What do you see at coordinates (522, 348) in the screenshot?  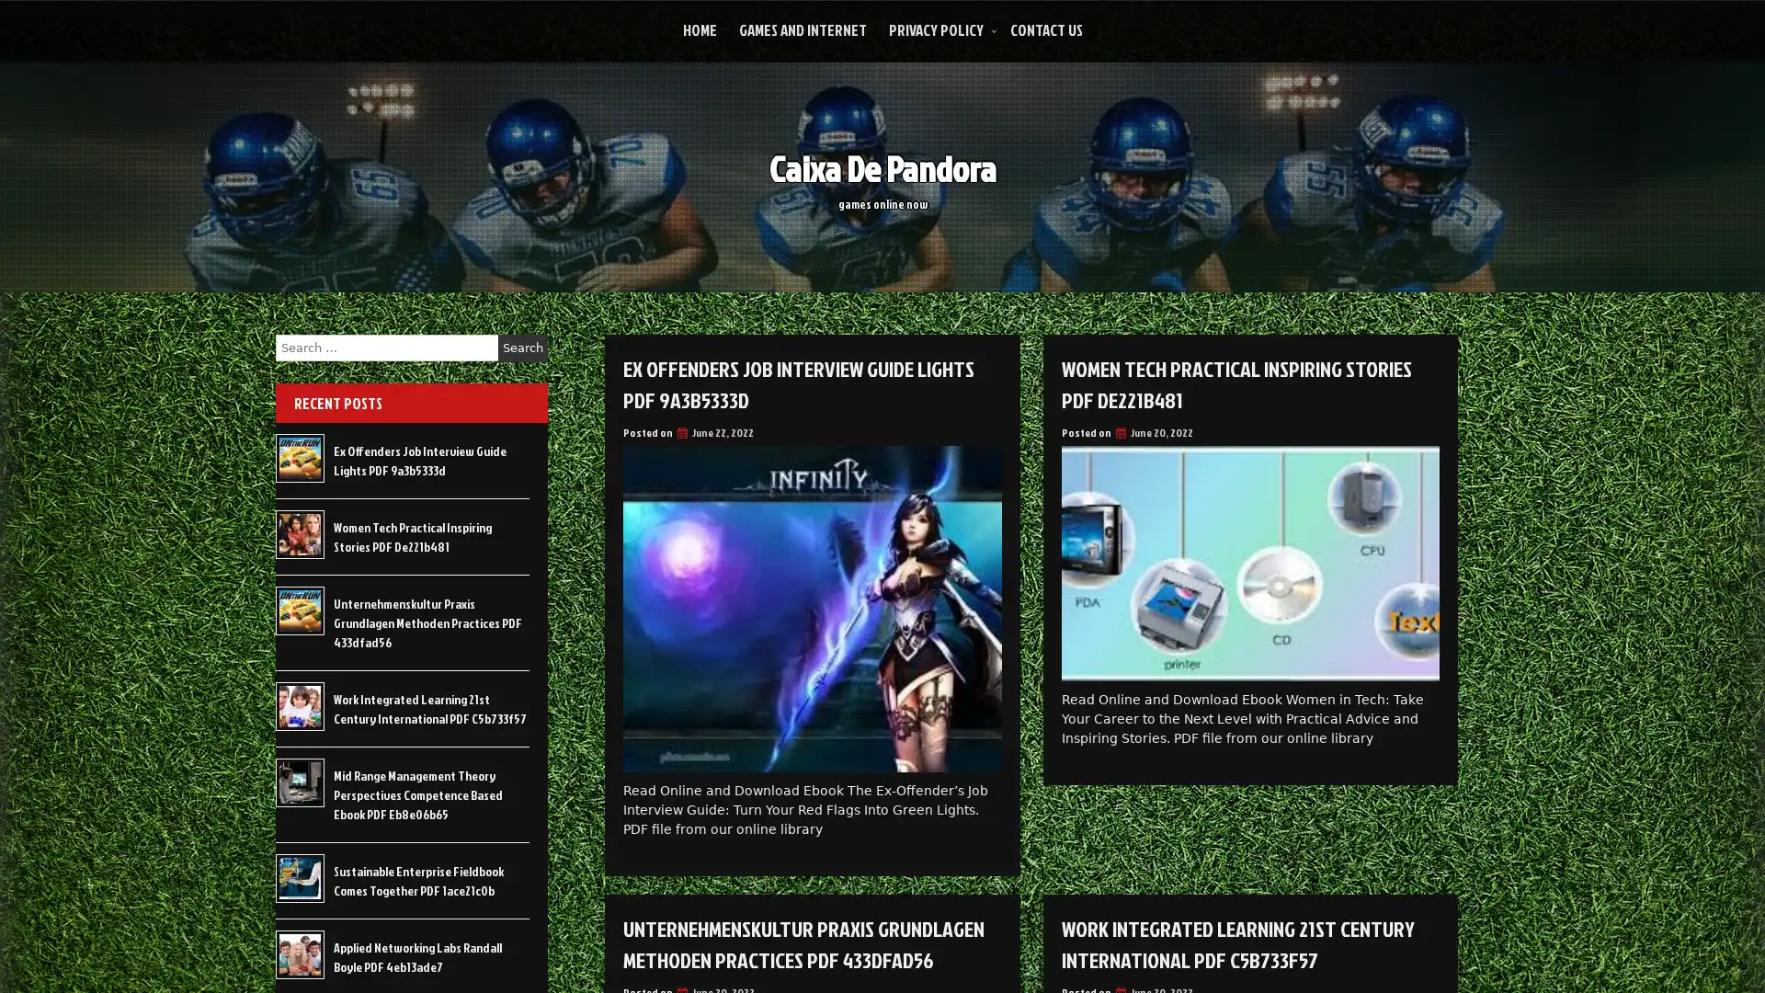 I see `Search` at bounding box center [522, 348].